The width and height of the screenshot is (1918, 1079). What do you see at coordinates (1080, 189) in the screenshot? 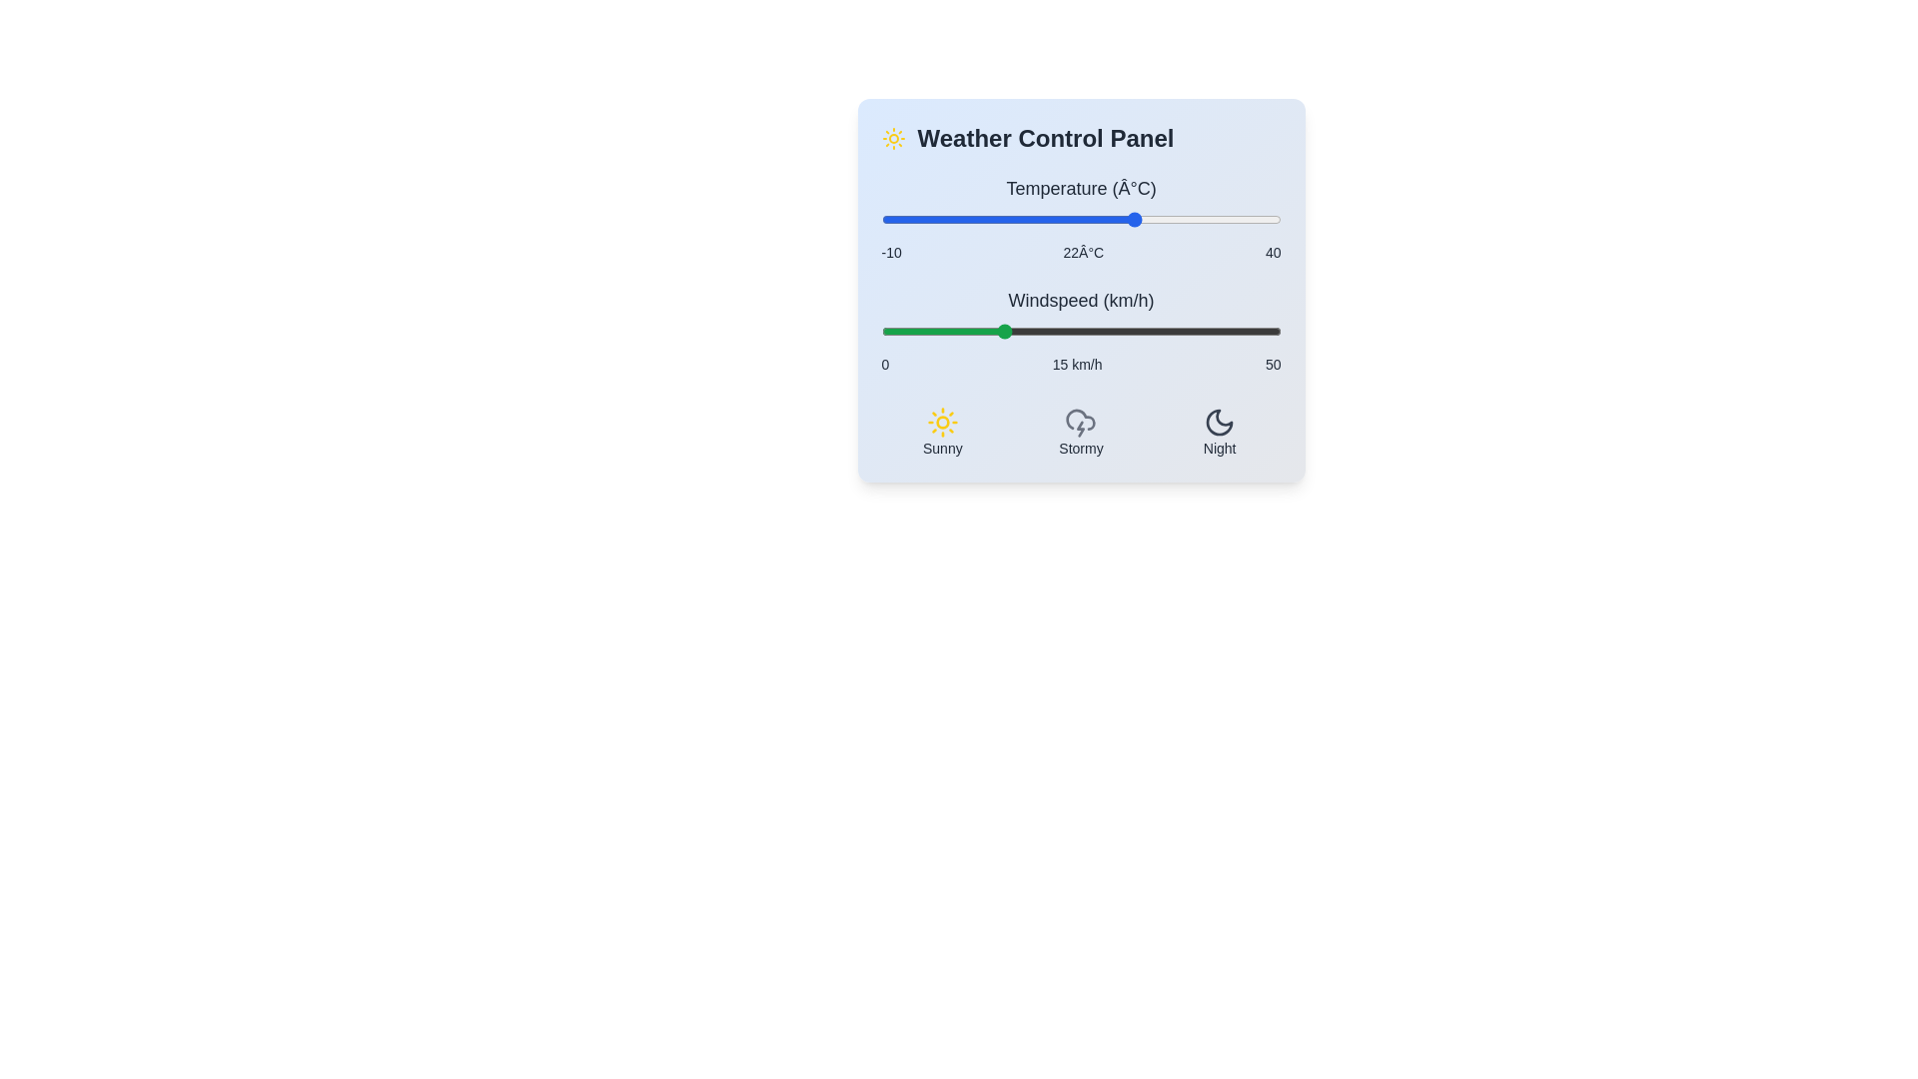
I see `the text label displaying 'Temperature (Â°C)' which is styled as a large, bold heading` at bounding box center [1080, 189].